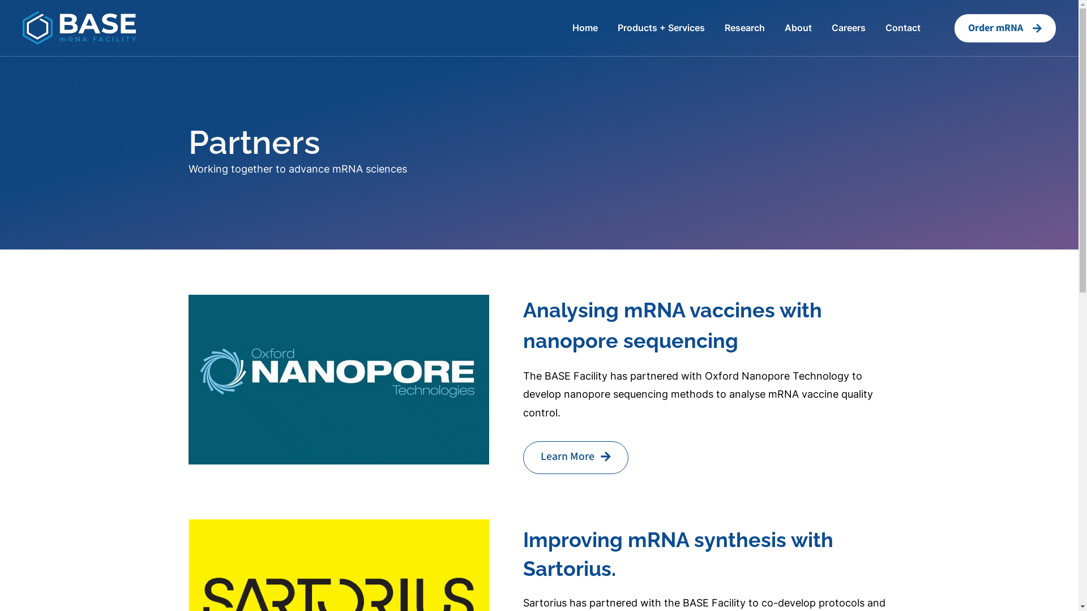 This screenshot has width=1087, height=611. I want to click on 'Research', so click(744, 27).